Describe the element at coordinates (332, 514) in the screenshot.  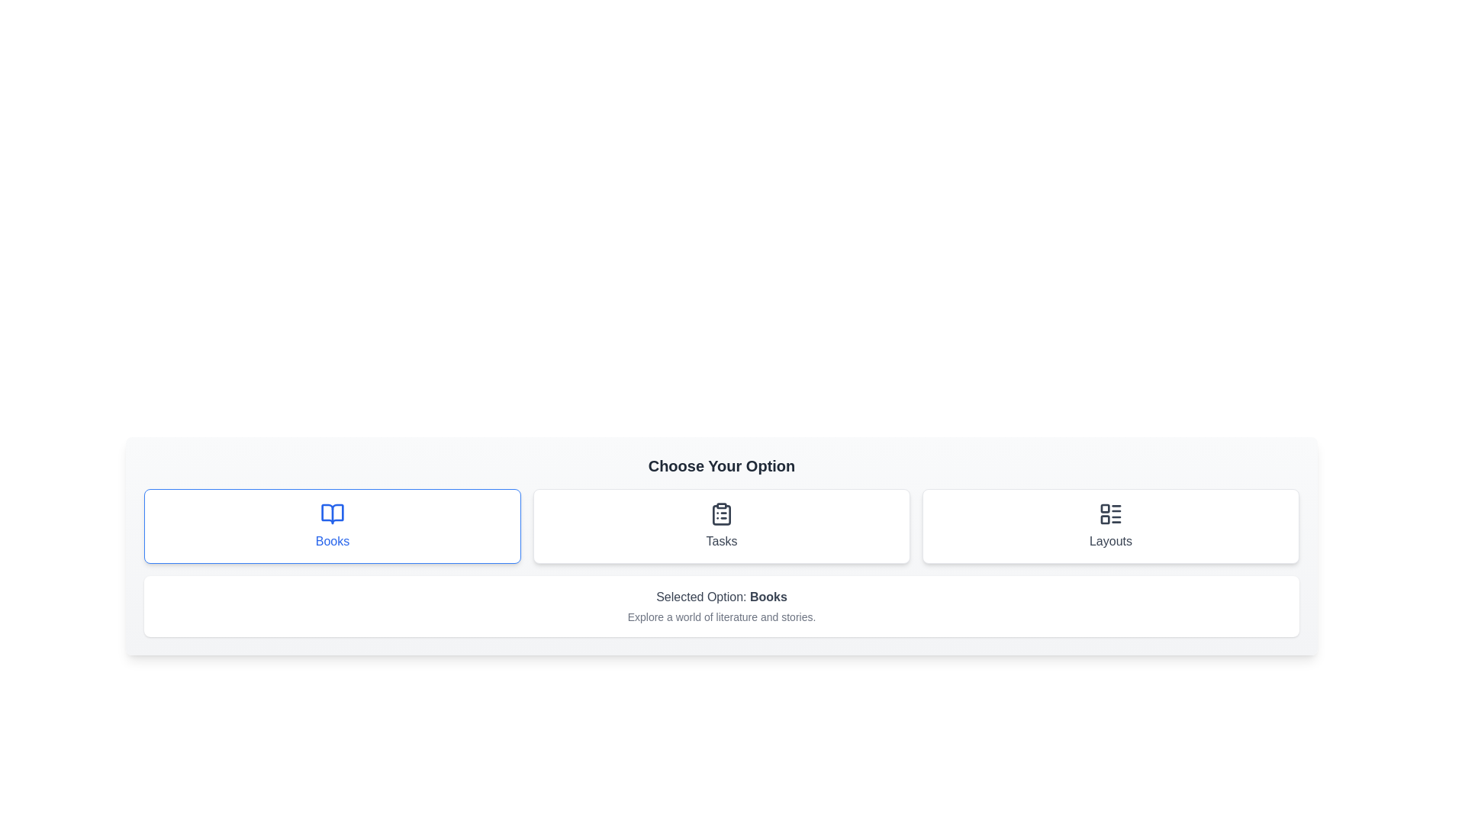
I see `the 'Books' icon, which is an SVG element located on the leftmost side of a row containing options for 'Books', 'Tasks', and 'Layouts'` at that location.